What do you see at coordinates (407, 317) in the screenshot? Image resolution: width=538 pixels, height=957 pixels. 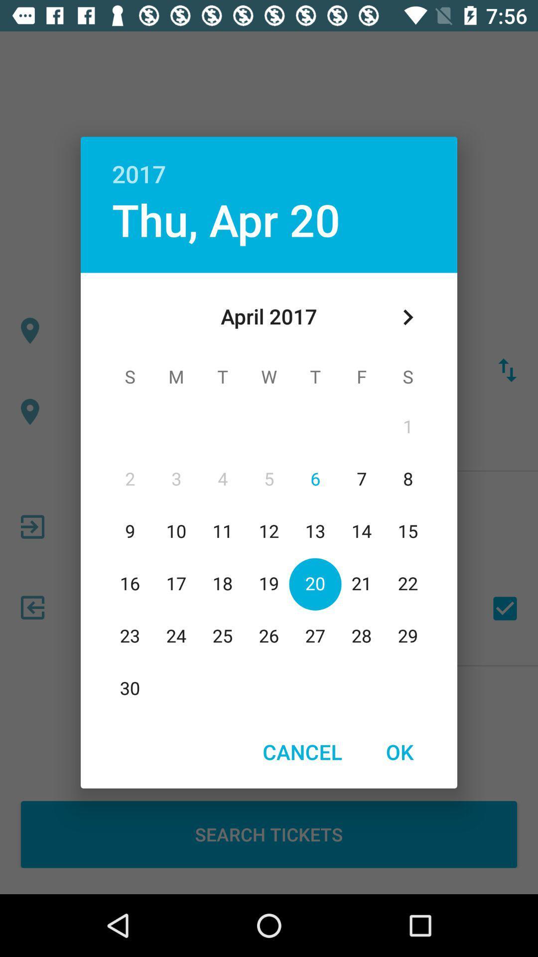 I see `icon below the 2017 item` at bounding box center [407, 317].